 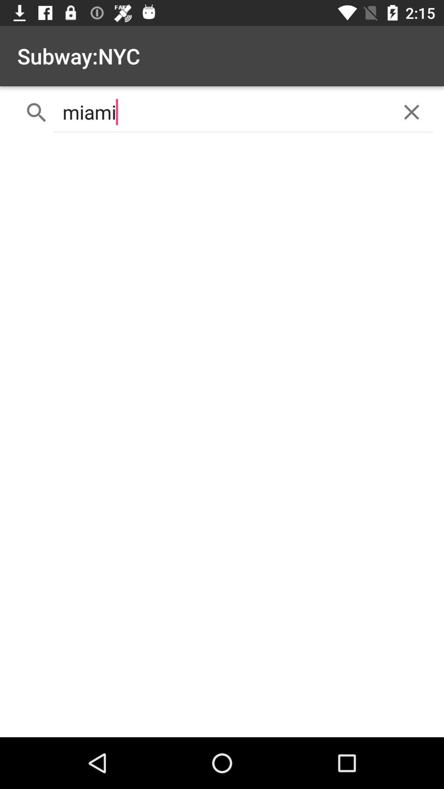 What do you see at coordinates (412, 112) in the screenshot?
I see `the close icon` at bounding box center [412, 112].